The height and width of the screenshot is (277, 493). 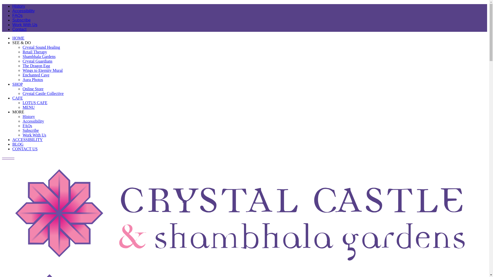 I want to click on 'The Dragon Egg', so click(x=22, y=65).